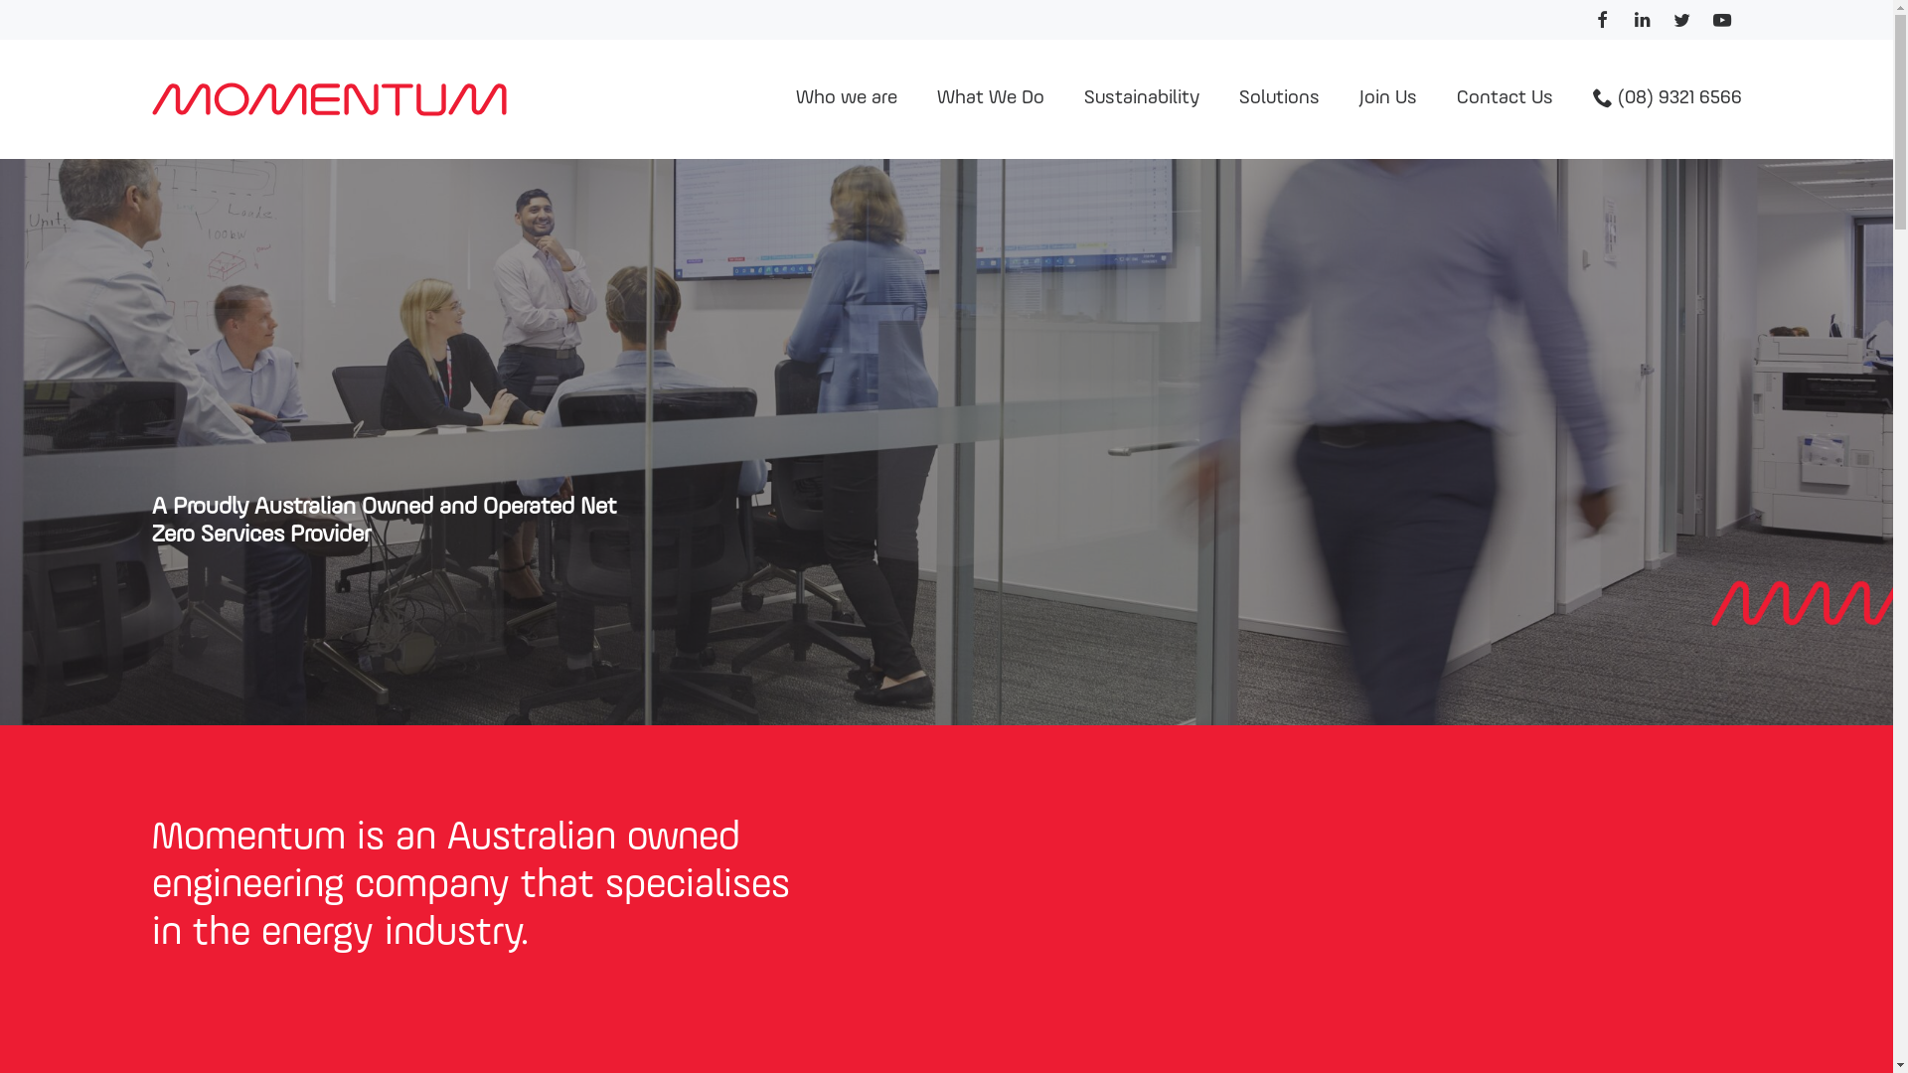 This screenshot has width=1908, height=1073. Describe the element at coordinates (990, 99) in the screenshot. I see `'What We Do'` at that location.